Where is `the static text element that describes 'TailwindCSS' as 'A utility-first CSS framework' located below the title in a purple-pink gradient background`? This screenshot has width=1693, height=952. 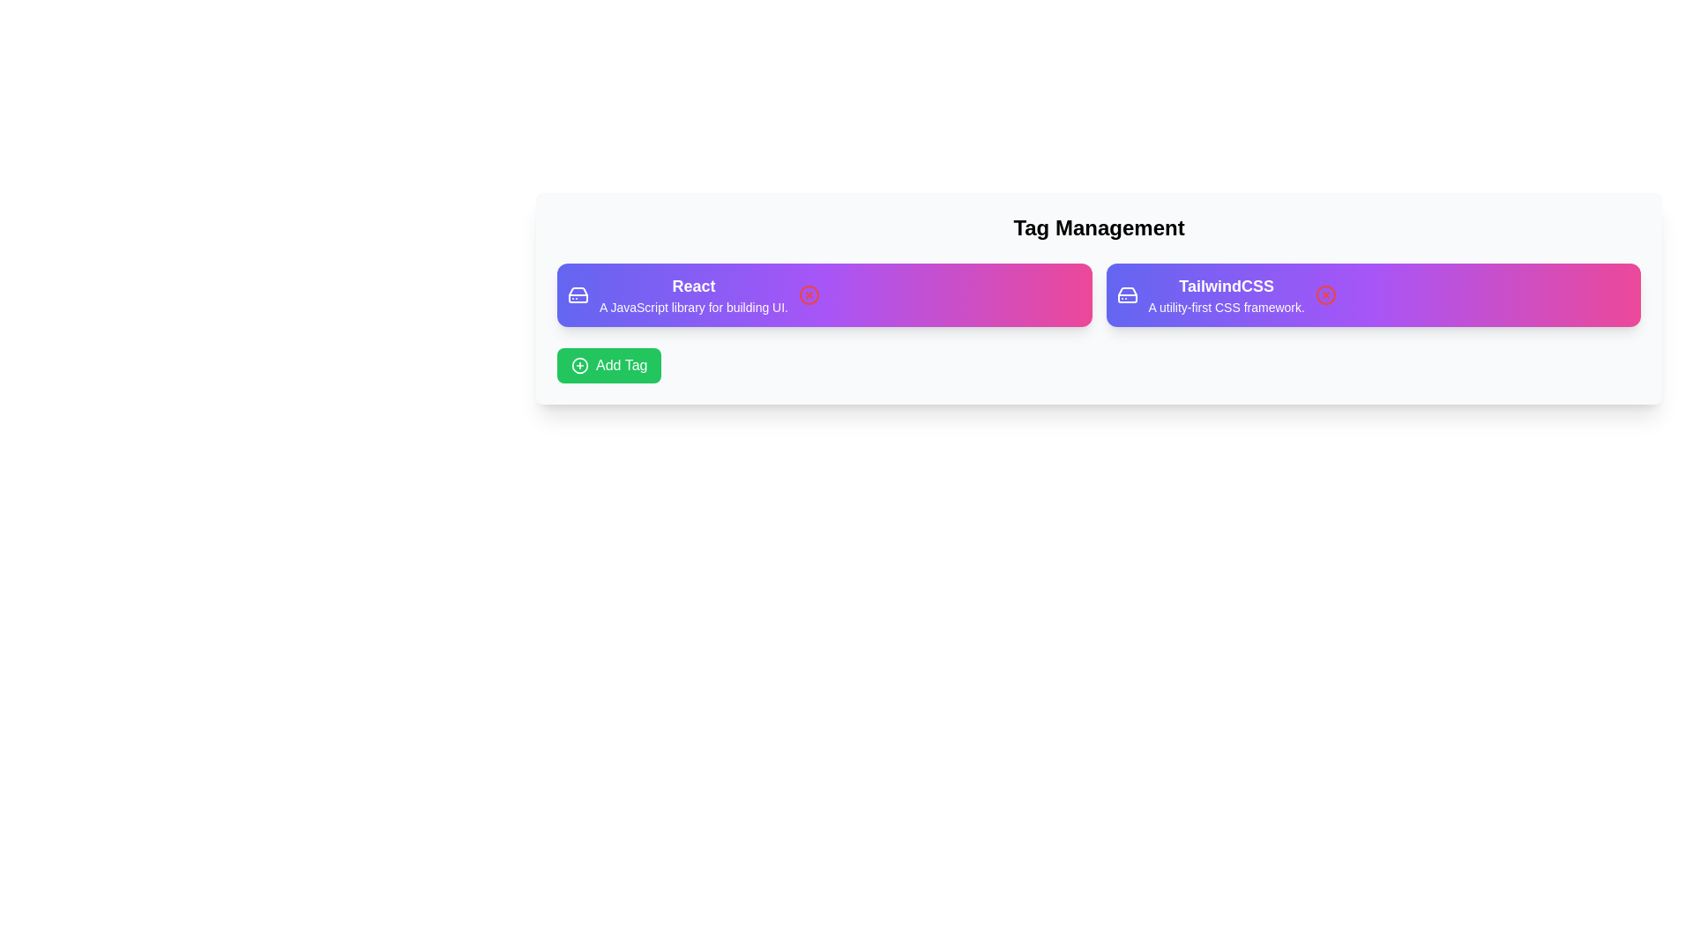 the static text element that describes 'TailwindCSS' as 'A utility-first CSS framework' located below the title in a purple-pink gradient background is located at coordinates (1226, 306).